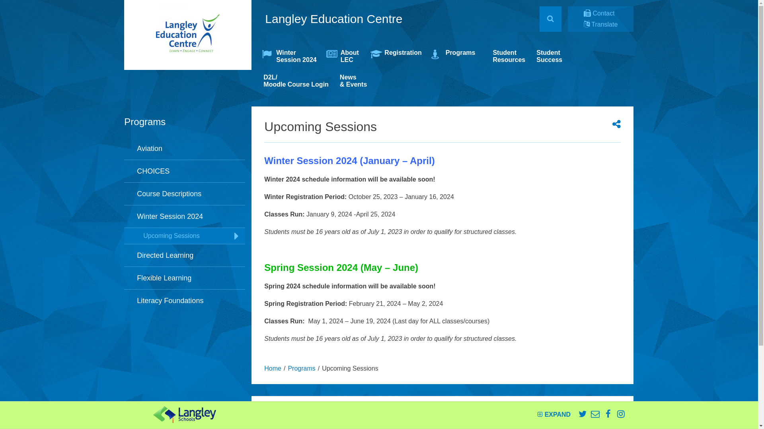 This screenshot has width=764, height=429. Describe the element at coordinates (289, 56) in the screenshot. I see `'Winter` at that location.